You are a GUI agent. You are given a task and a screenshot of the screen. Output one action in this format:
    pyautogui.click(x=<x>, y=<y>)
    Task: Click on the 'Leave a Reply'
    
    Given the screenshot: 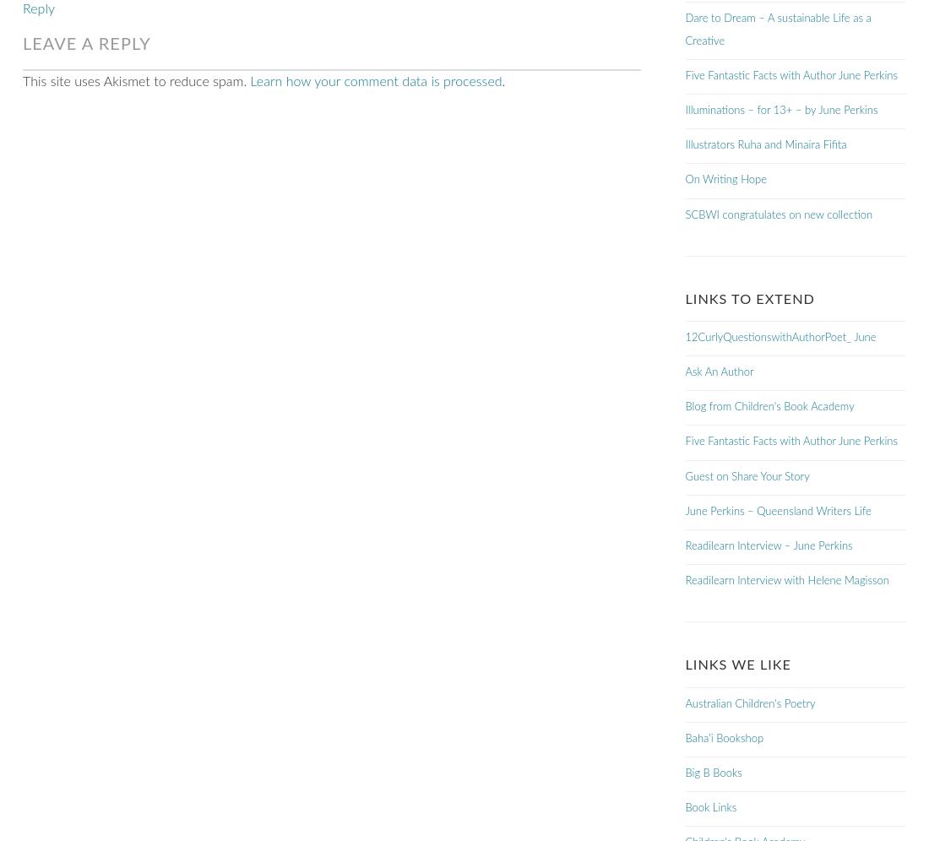 What is the action you would take?
    pyautogui.click(x=86, y=42)
    